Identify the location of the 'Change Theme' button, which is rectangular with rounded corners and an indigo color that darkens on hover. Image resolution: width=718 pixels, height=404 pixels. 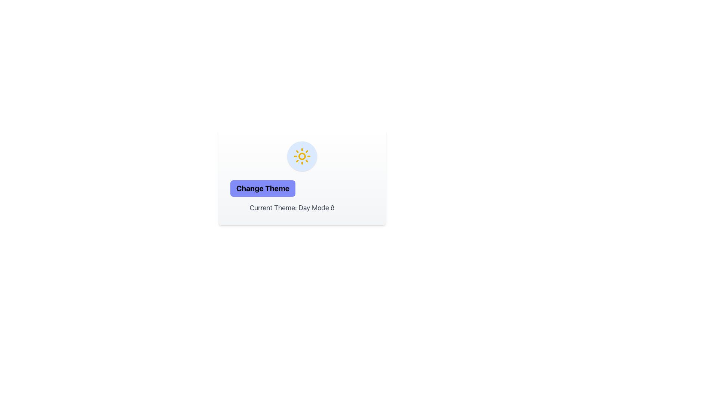
(263, 188).